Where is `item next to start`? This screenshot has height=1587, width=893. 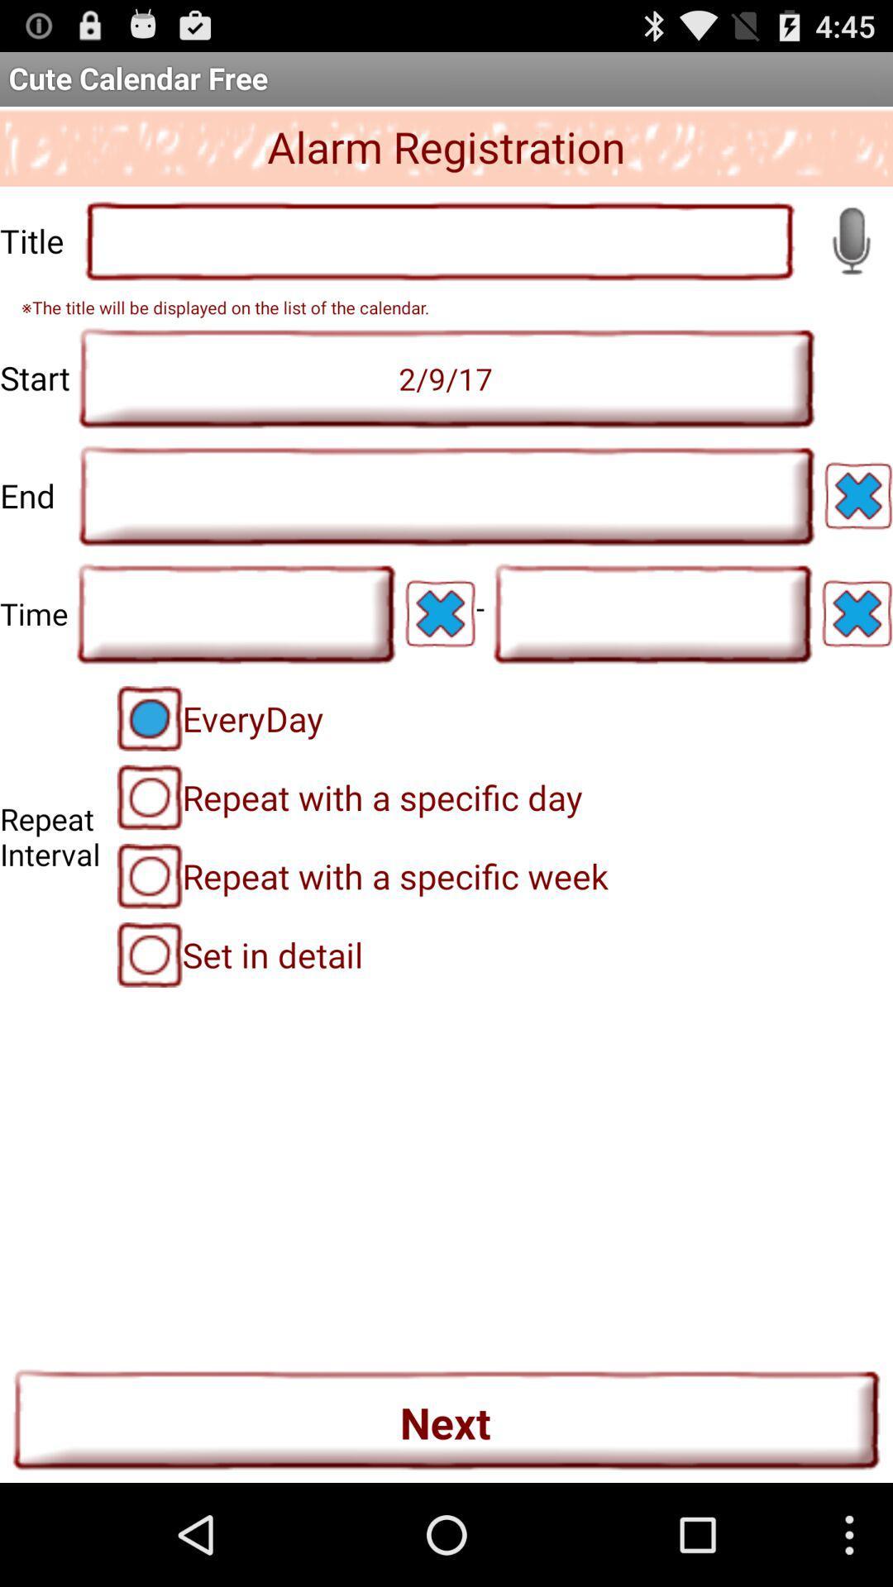 item next to start is located at coordinates (446, 377).